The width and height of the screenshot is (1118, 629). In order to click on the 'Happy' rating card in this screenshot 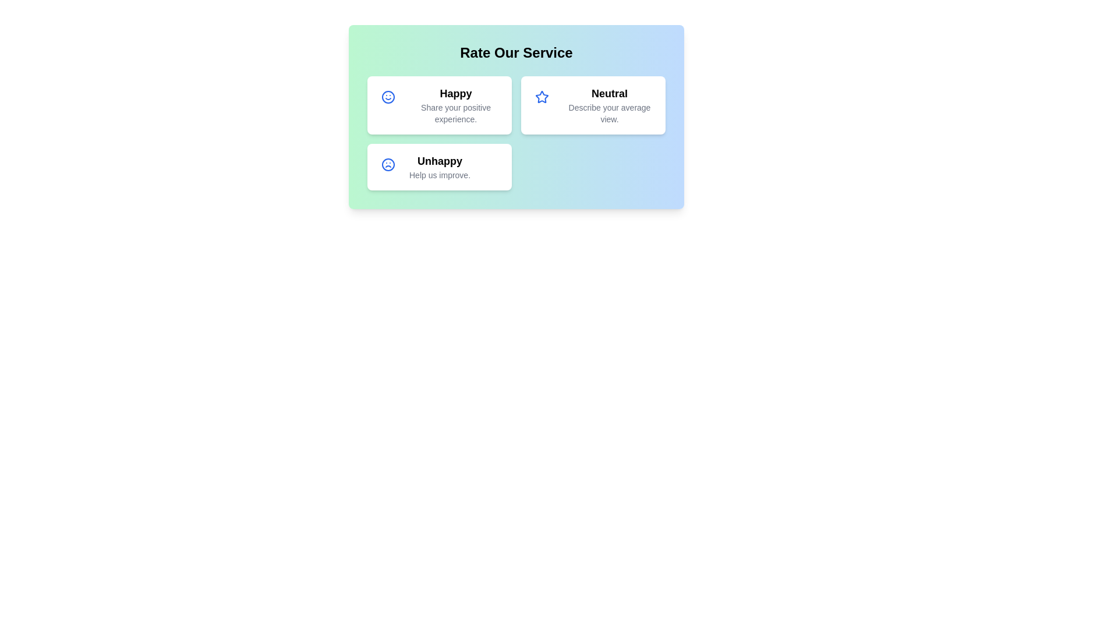, I will do `click(438, 105)`.